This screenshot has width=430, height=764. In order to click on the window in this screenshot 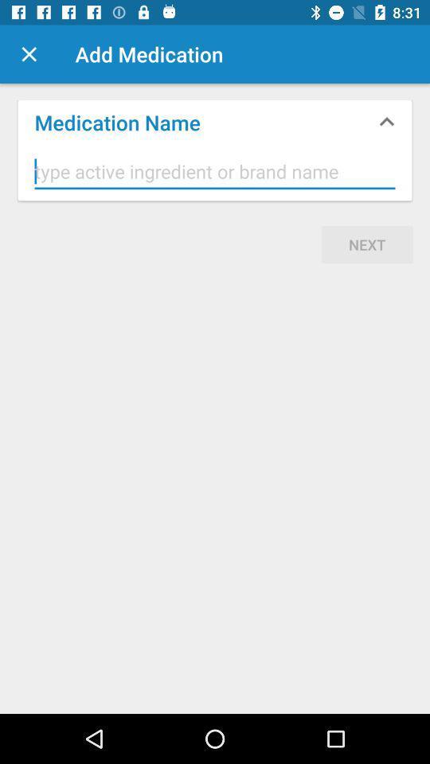, I will do `click(29, 54)`.